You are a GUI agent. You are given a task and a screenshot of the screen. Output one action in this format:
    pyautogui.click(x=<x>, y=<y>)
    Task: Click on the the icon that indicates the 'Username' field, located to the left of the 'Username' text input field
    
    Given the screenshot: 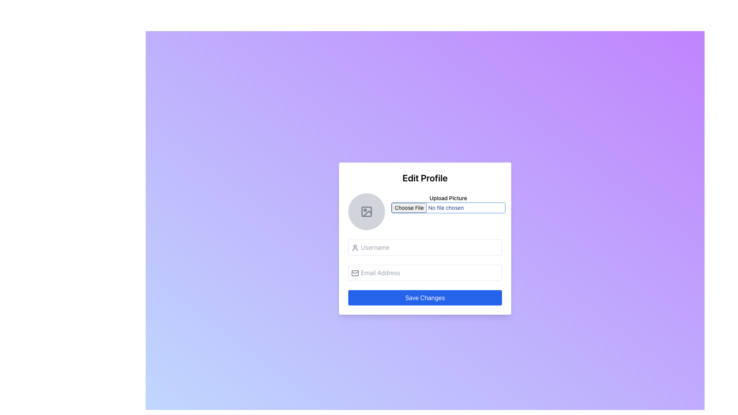 What is the action you would take?
    pyautogui.click(x=355, y=247)
    